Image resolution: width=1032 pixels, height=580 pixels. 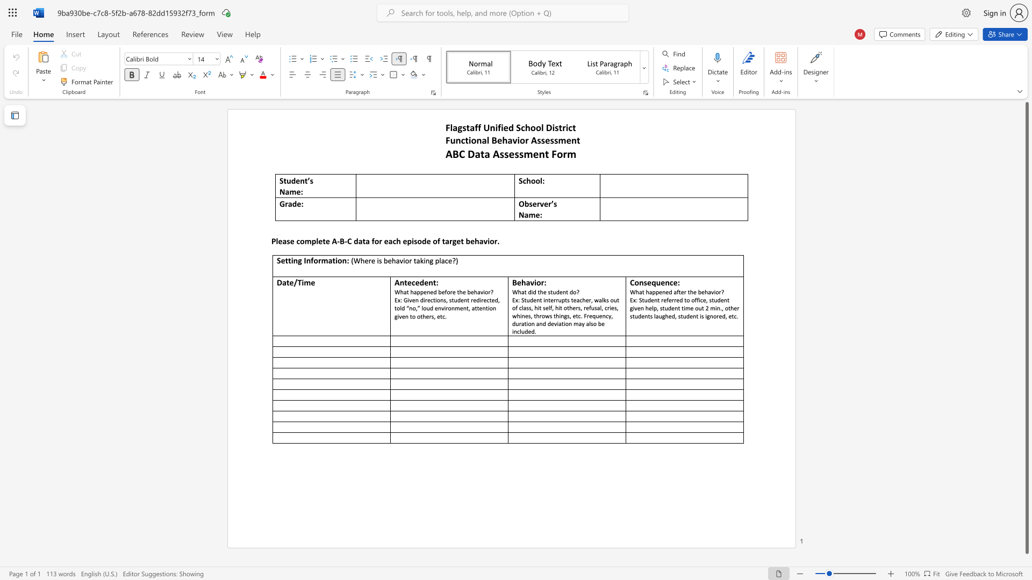 What do you see at coordinates (276, 260) in the screenshot?
I see `the subset text "Setting Inform" within the text "Setting Information:"` at bounding box center [276, 260].